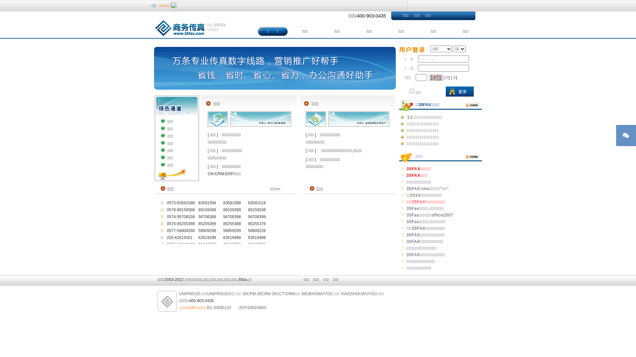 This screenshot has height=357, width=636. Describe the element at coordinates (219, 307) in the screenshot. I see `'B2-20080123'` at that location.